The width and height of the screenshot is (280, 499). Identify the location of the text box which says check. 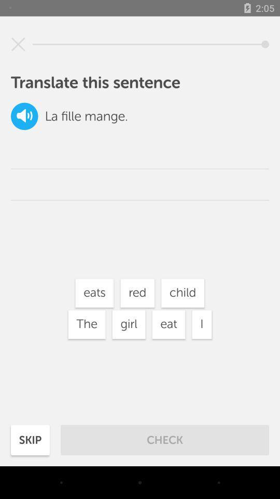
(165, 440).